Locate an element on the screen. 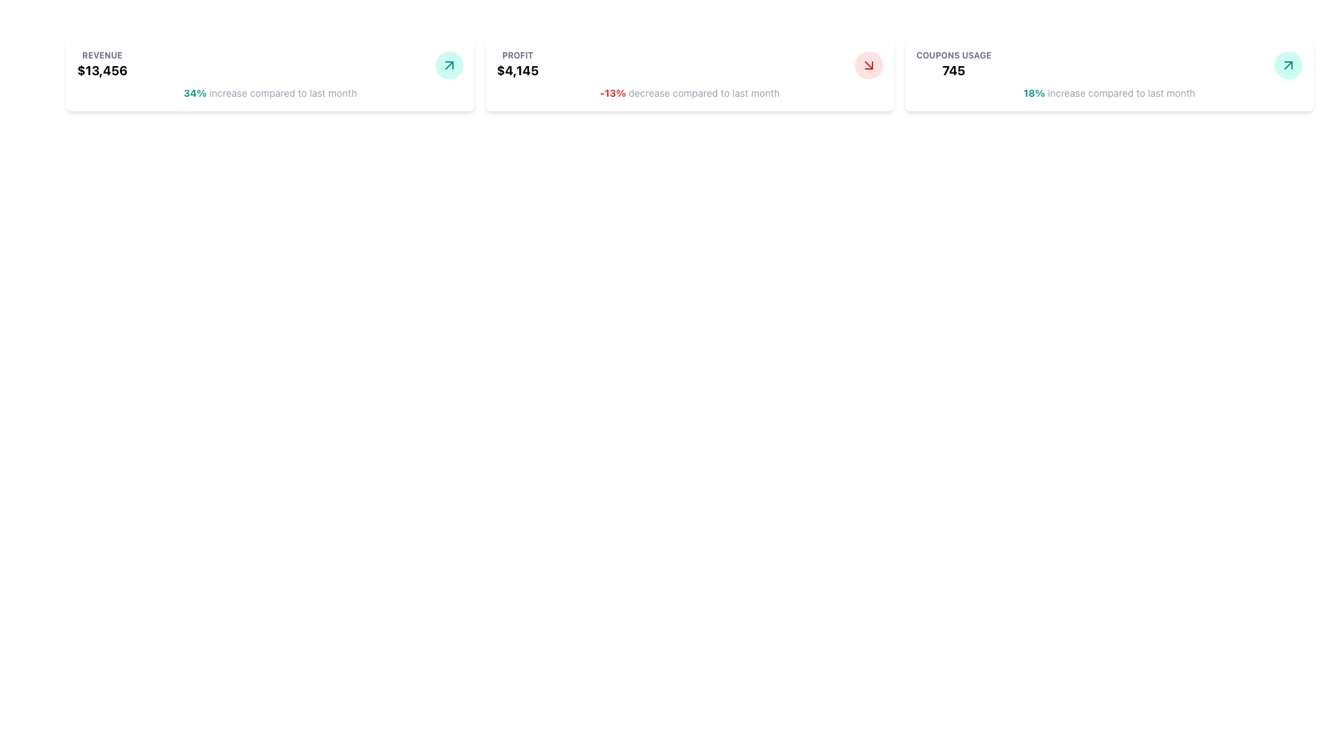 This screenshot has height=752, width=1338. the Icon button located on the far-right side of the 'Coupons usage 745' UI component, next to the '745' text is located at coordinates (1287, 65).